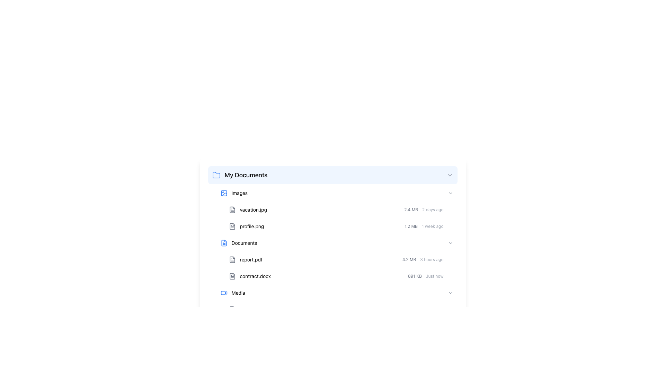  Describe the element at coordinates (427, 259) in the screenshot. I see `the informational text group that provides metadata about the 'report.pdf' file, which is located in the file list under the 'Documents' section, specifically beneath the 'profile.png' entry` at that location.